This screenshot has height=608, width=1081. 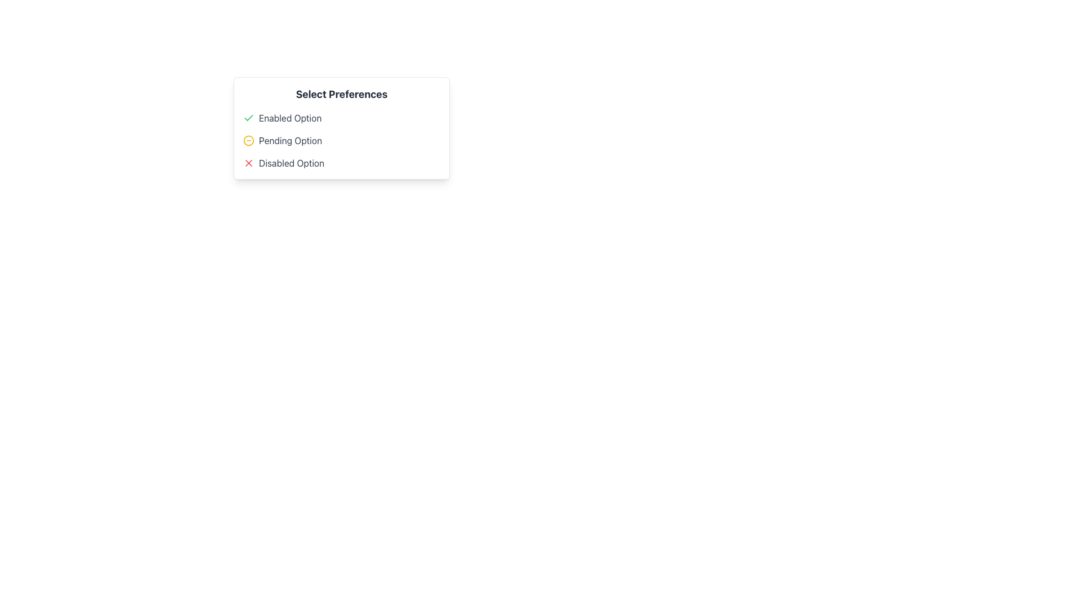 What do you see at coordinates (248, 163) in the screenshot?
I see `the 'Disabled' state vector graphic icon, which is the third icon in a series of three, located in the lower portion of the preferences list, associated with the text 'Disabled Option'` at bounding box center [248, 163].